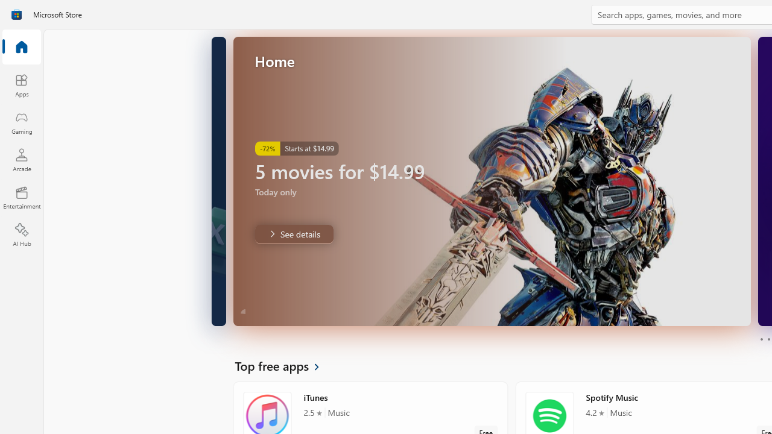 The height and width of the screenshot is (434, 772). Describe the element at coordinates (21, 122) in the screenshot. I see `'Gaming'` at that location.